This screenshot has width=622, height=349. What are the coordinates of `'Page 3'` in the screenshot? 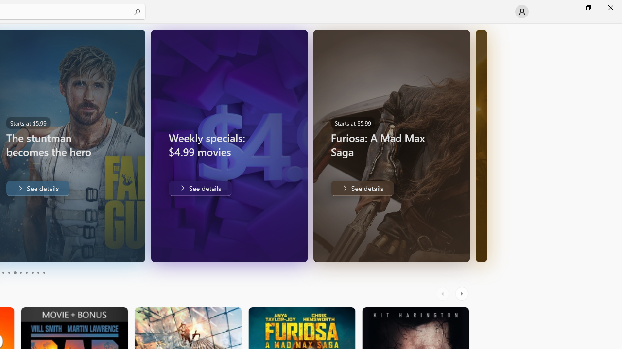 It's located at (2, 273).